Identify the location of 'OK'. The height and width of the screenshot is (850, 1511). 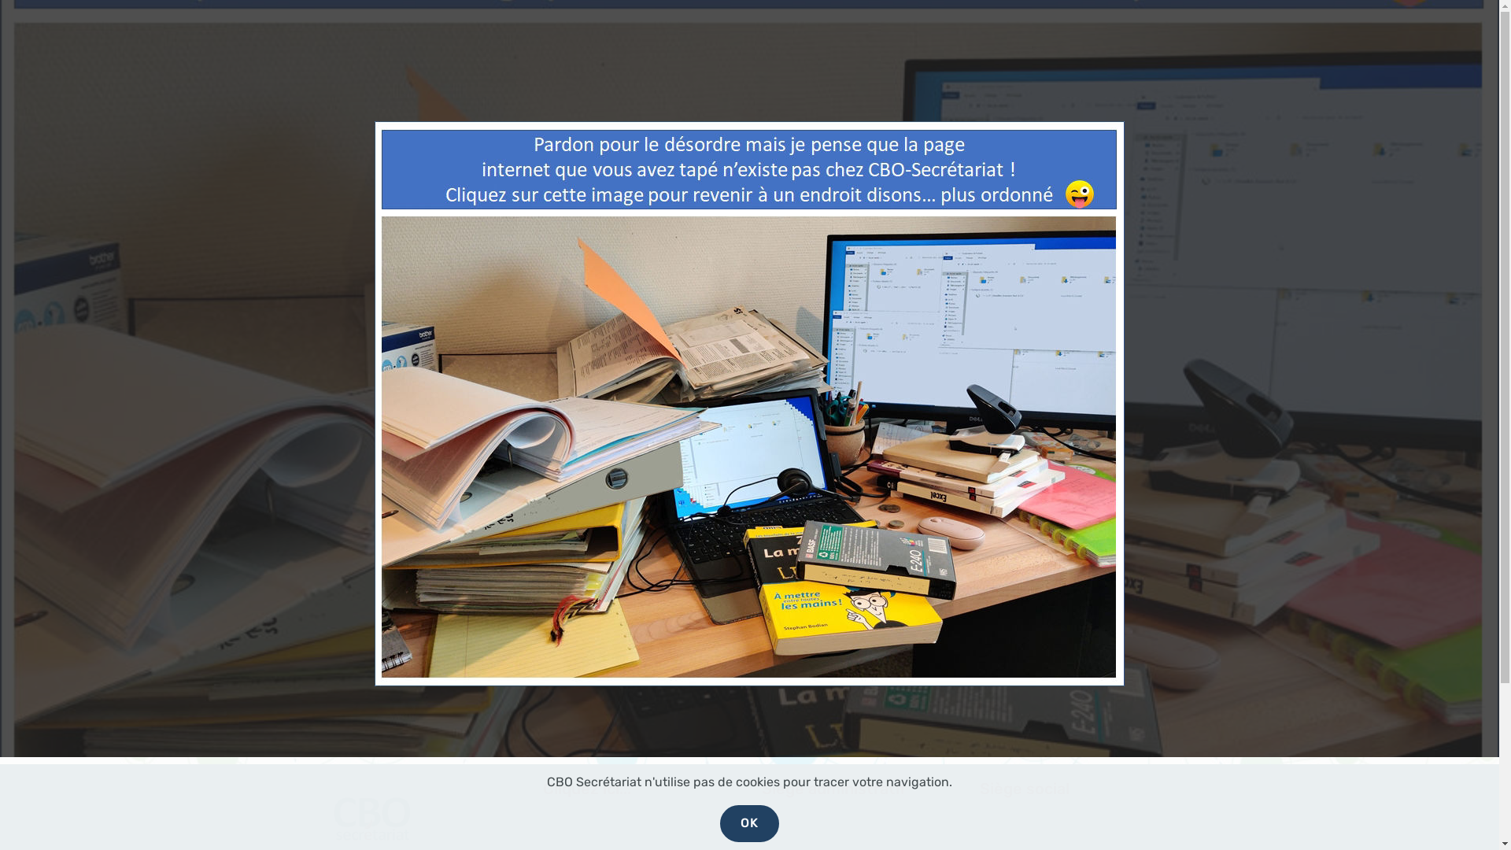
(748, 822).